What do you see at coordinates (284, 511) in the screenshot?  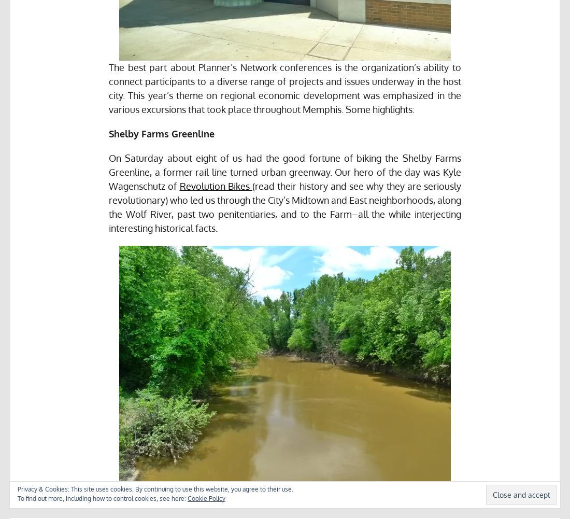 I see `'Wolf River, made famous by Jeff Buckley’s body.'` at bounding box center [284, 511].